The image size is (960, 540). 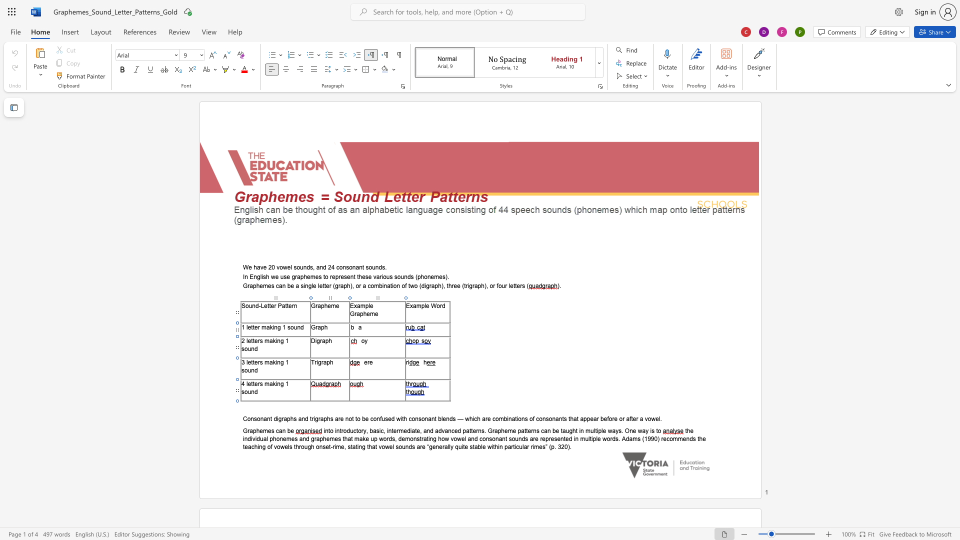 What do you see at coordinates (657, 430) in the screenshot?
I see `the 13th character "t" in the text` at bounding box center [657, 430].